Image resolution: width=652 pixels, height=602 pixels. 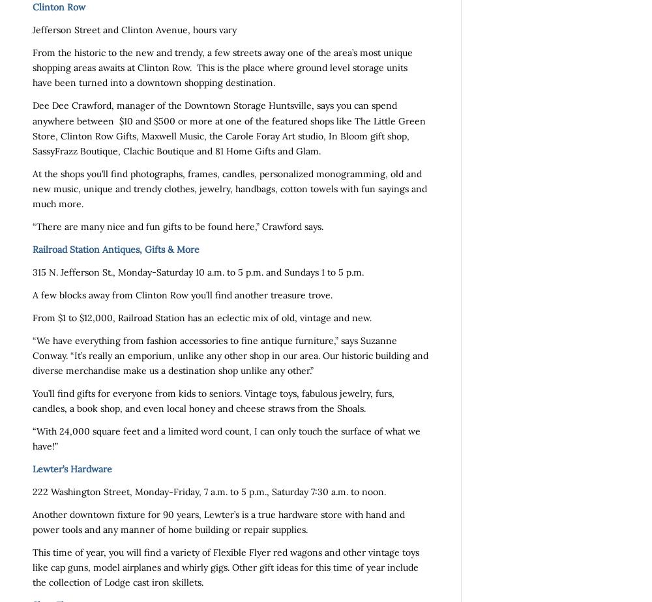 What do you see at coordinates (33, 128) in the screenshot?
I see `'Dee Dee Crawford, manager of the Downtown Storage Huntsville, says you can spend anywhere between  $10 and $500 or more at one of the featured shops like The Little Green Store, Clinton Row Gifts, Maxwell Music, the Carole Foray Art studio, In Bloom gift shop, SassyFrazz Boutique, Clachic Boutique and 81 Home Gifts and Glam.'` at bounding box center [33, 128].